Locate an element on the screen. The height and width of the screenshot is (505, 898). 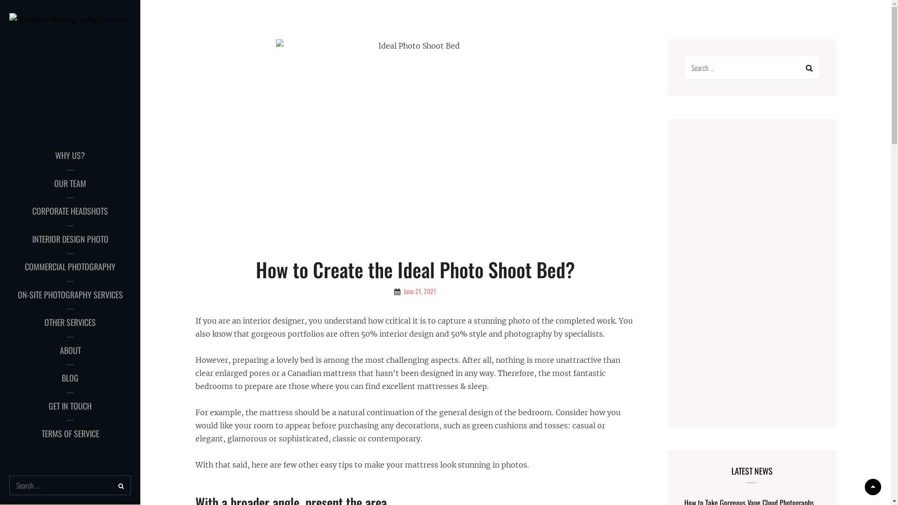
'TERMS OF SERVICE' is located at coordinates (69, 434).